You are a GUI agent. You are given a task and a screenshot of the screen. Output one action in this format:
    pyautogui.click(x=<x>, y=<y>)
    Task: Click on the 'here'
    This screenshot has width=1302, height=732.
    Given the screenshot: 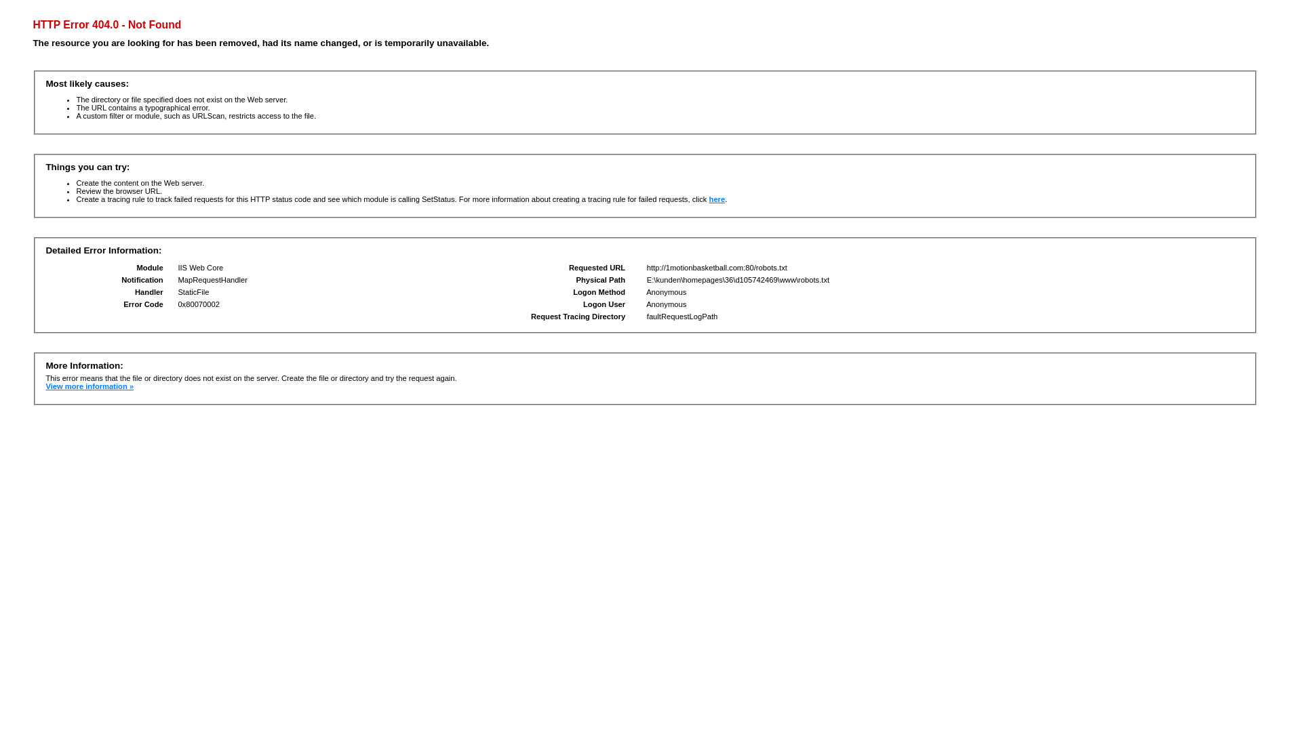 What is the action you would take?
    pyautogui.click(x=716, y=199)
    